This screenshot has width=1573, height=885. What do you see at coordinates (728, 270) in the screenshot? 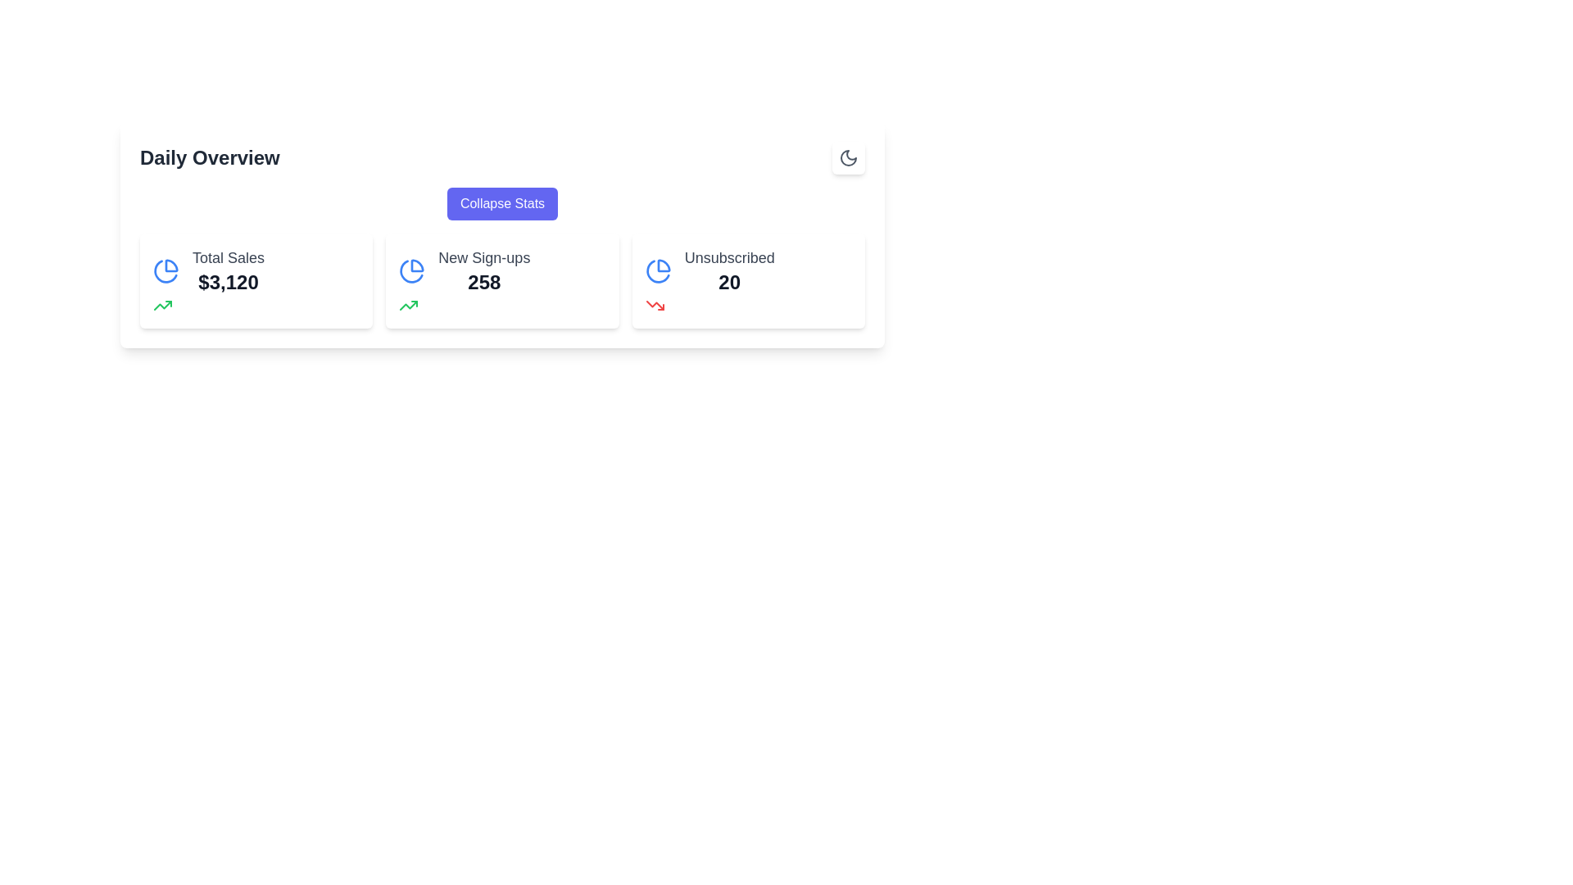
I see `the displayed number '20' in the bold Text Label located below 'Unsubscribed' within the card component` at bounding box center [728, 270].